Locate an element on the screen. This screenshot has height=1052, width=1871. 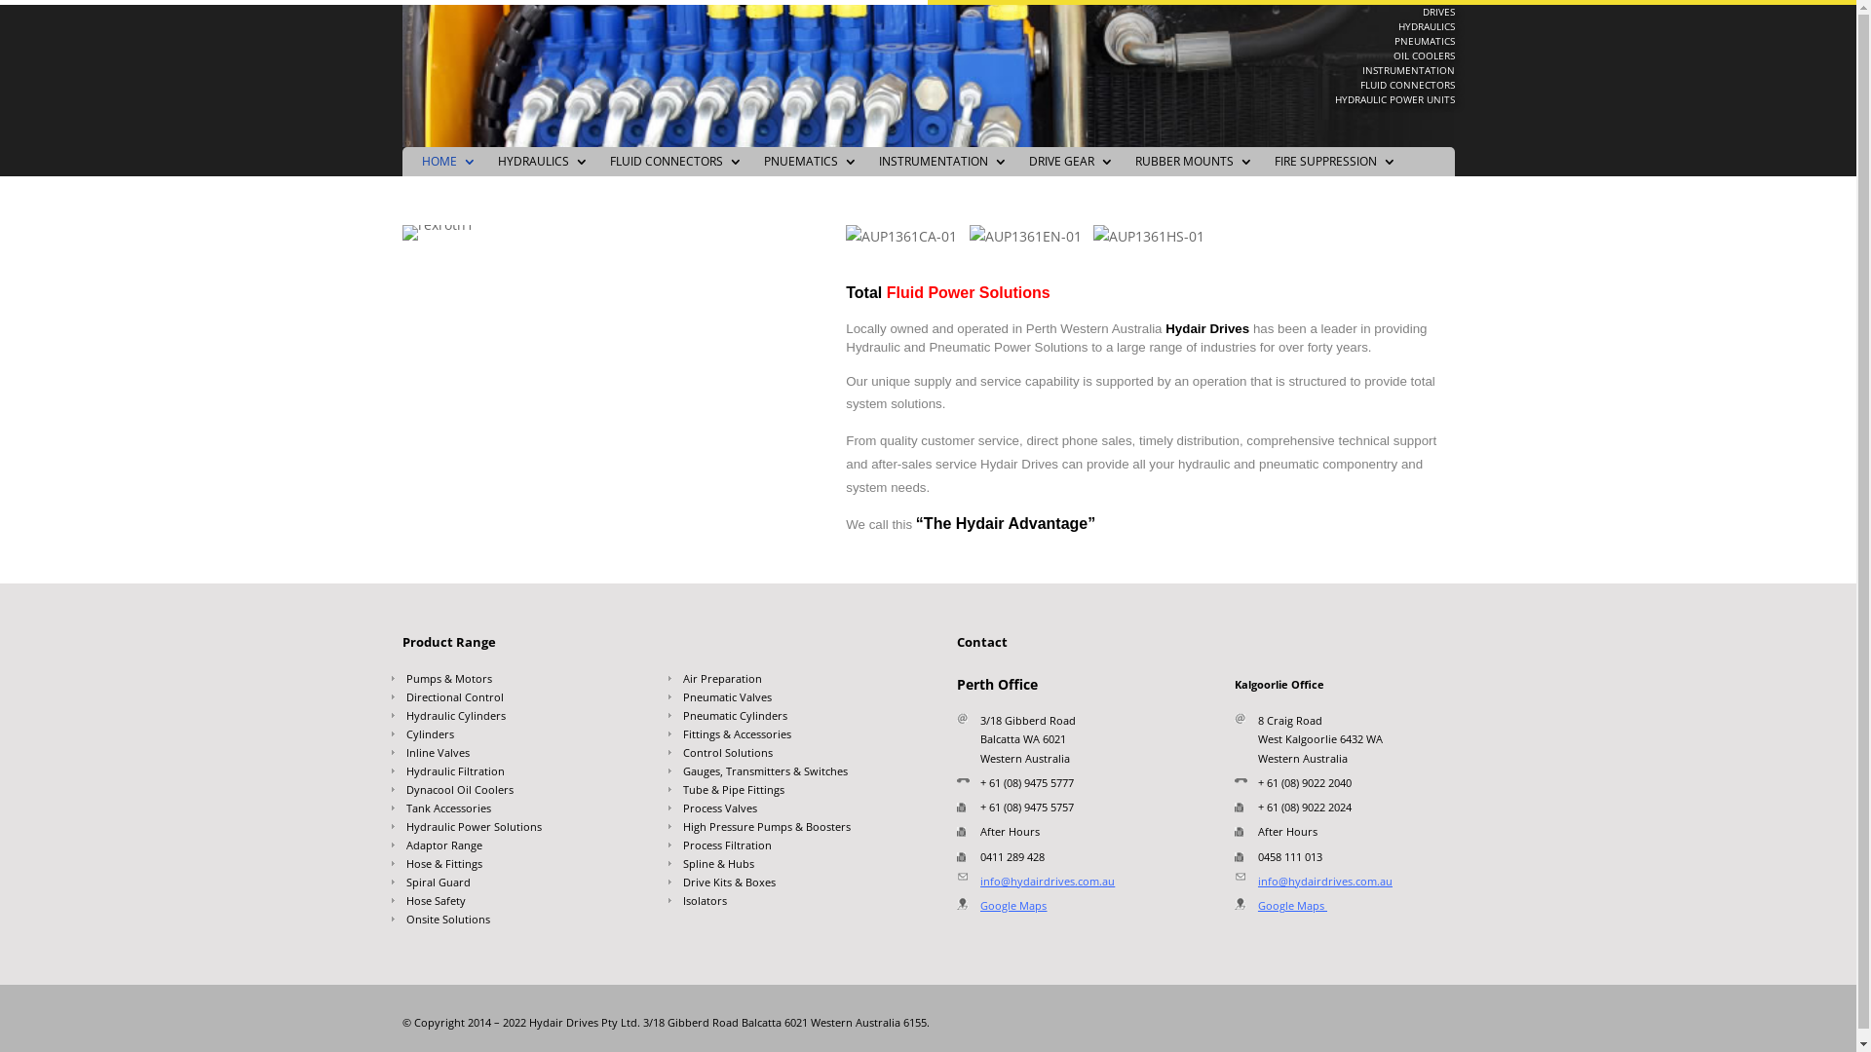
'Isolators' is located at coordinates (790, 904).